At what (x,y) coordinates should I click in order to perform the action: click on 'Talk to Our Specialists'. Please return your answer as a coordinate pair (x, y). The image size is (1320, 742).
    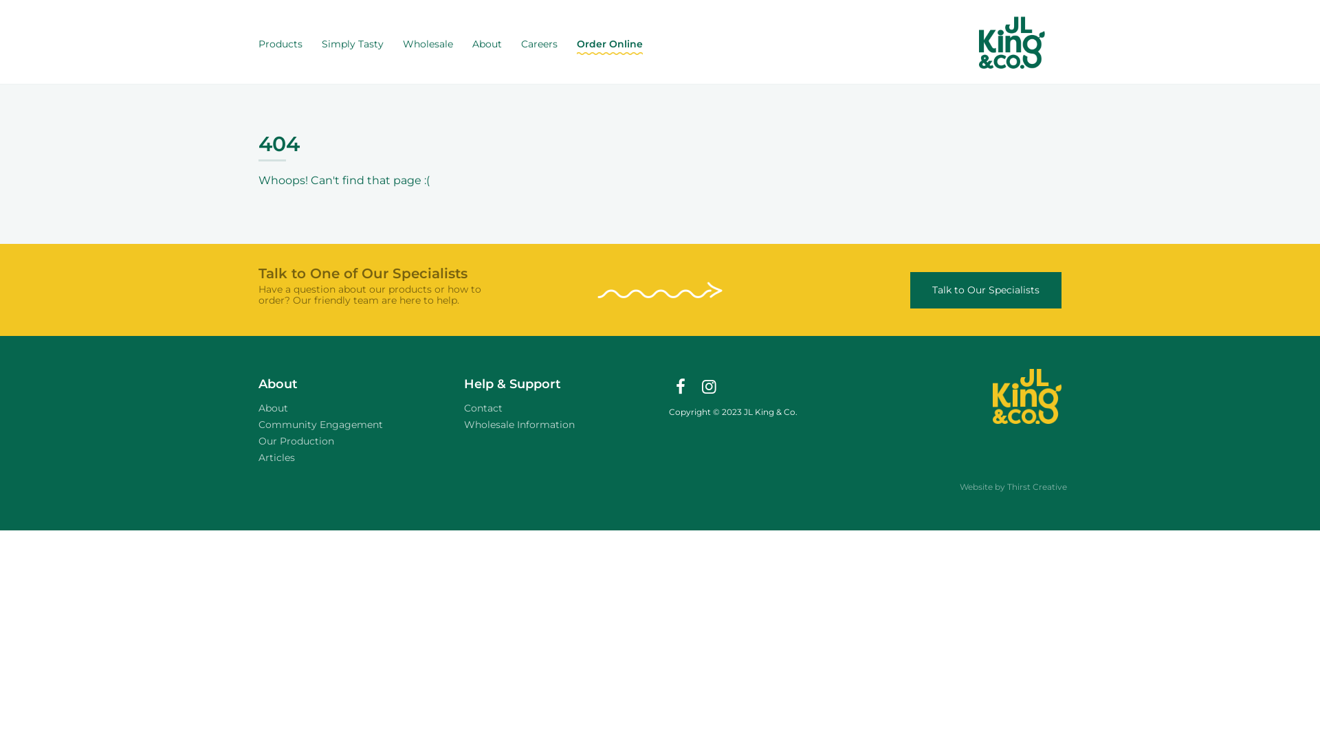
    Looking at the image, I should click on (910, 289).